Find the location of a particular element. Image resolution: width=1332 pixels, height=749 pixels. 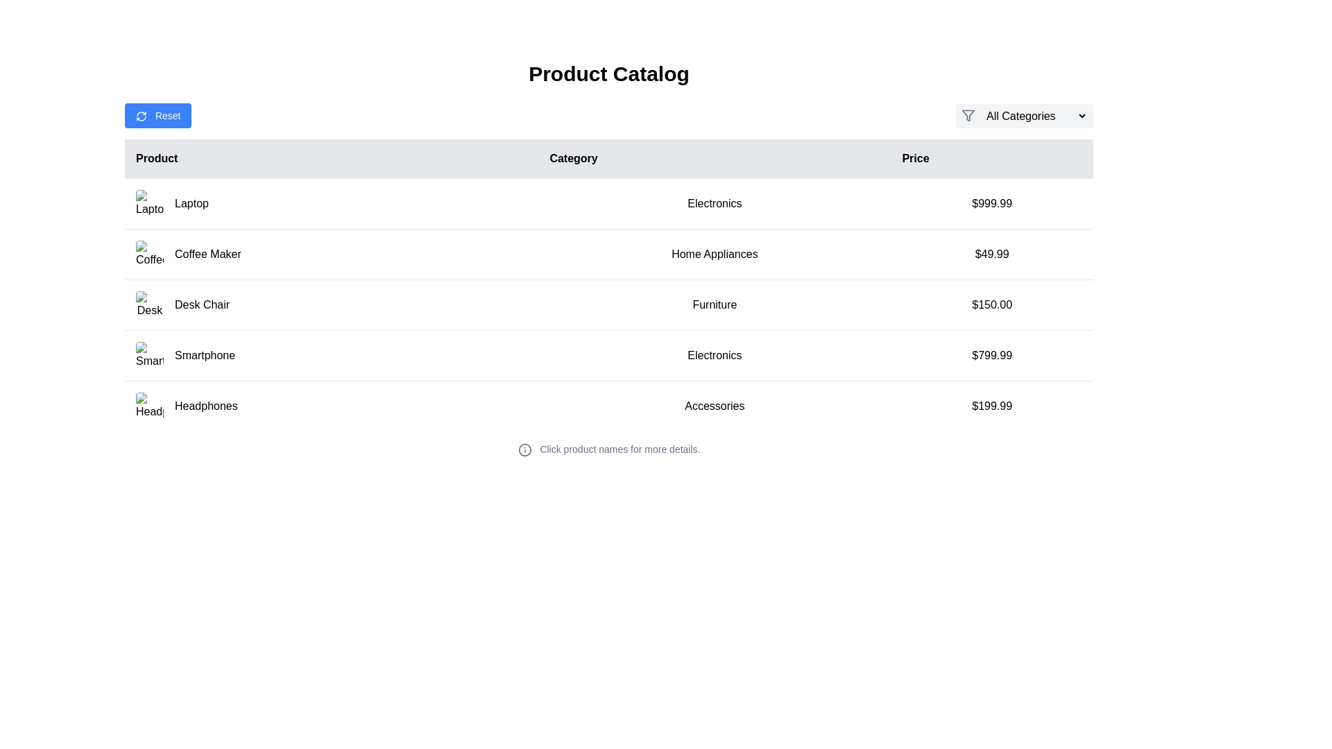

the structured content row for the Coffee Maker product is located at coordinates (609, 254).